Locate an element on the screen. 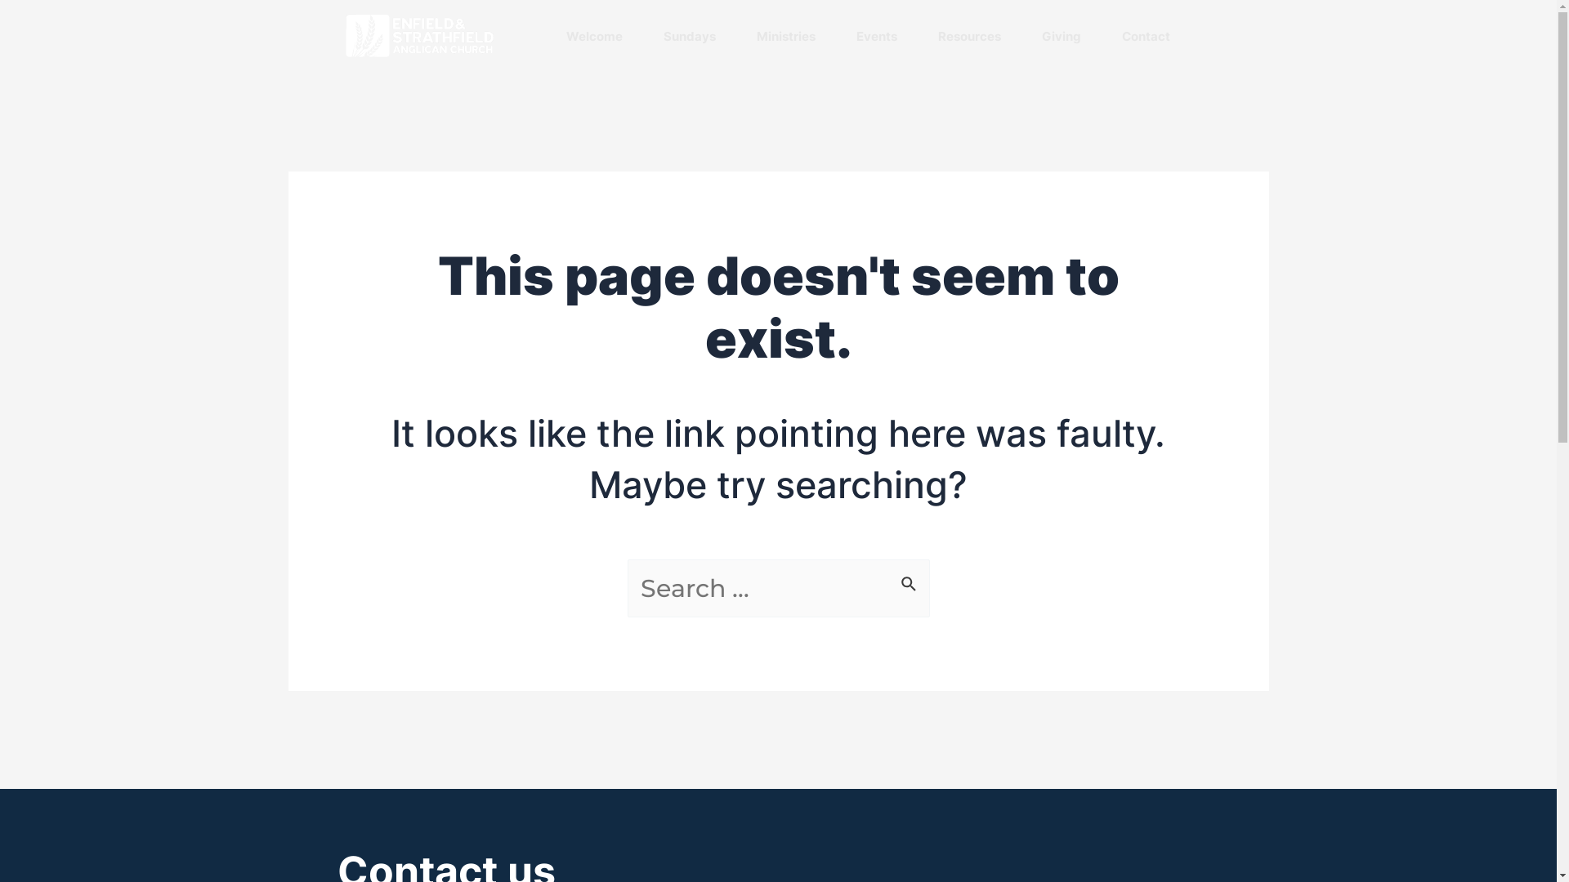  'Sundays' is located at coordinates (690, 36).